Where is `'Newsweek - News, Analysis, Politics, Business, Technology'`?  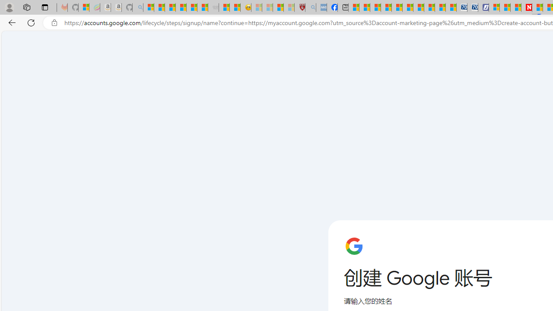 'Newsweek - News, Analysis, Politics, Business, Technology' is located at coordinates (526, 7).